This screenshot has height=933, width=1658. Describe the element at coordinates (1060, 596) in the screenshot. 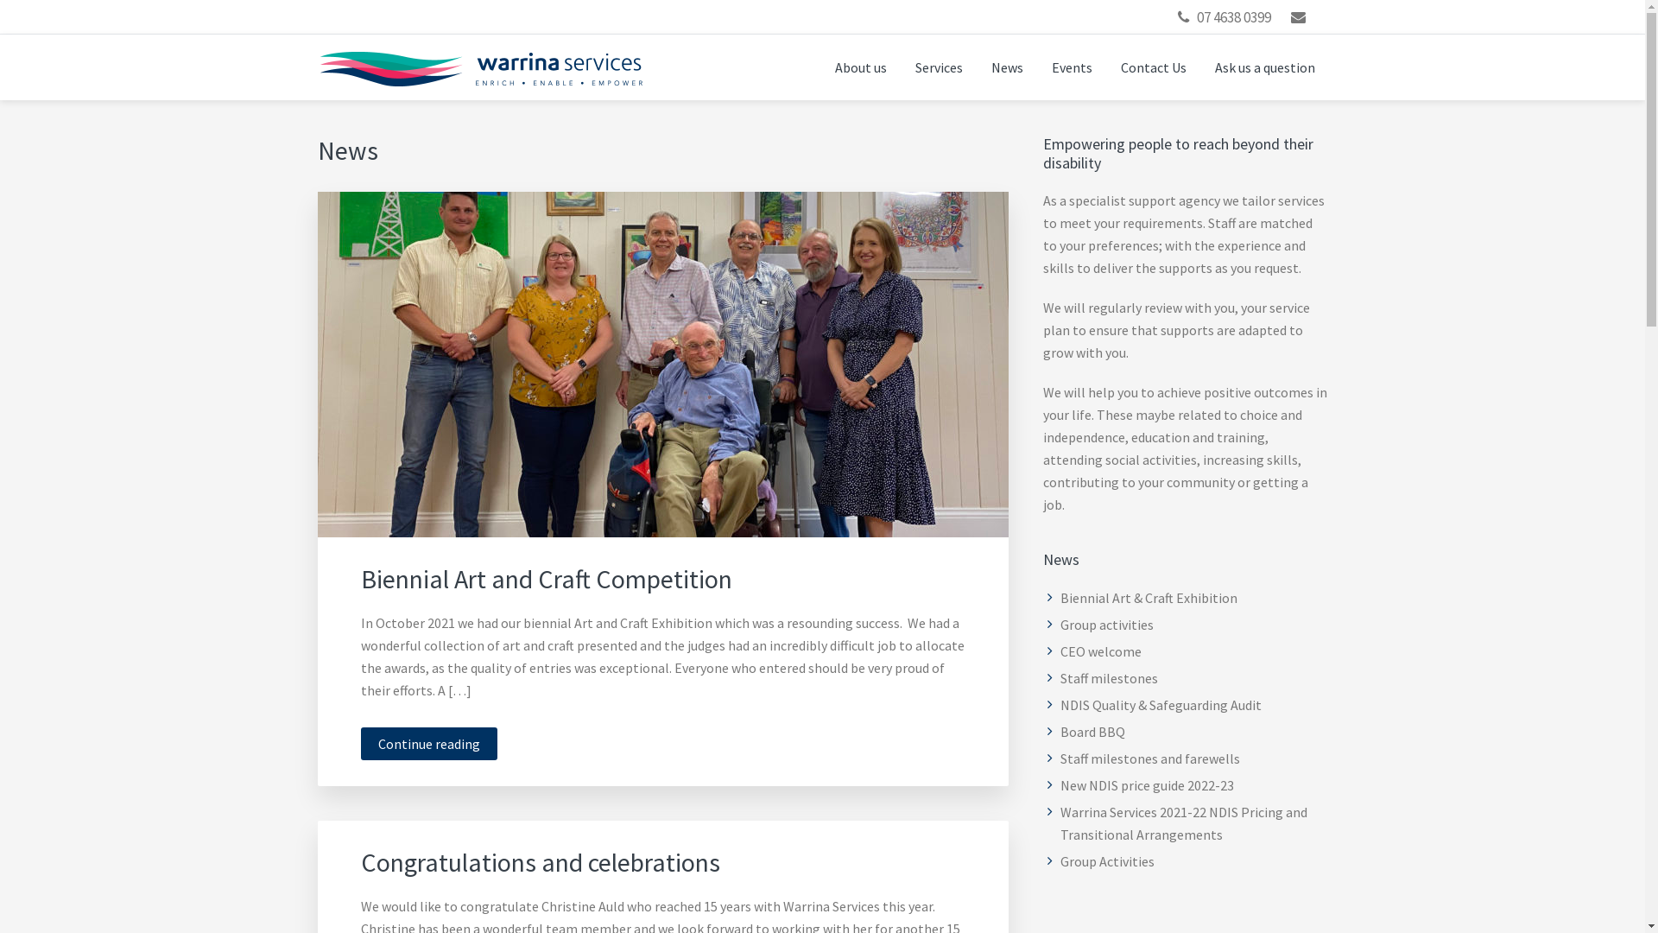

I see `'Biennial Art & Craft Exhibition'` at that location.